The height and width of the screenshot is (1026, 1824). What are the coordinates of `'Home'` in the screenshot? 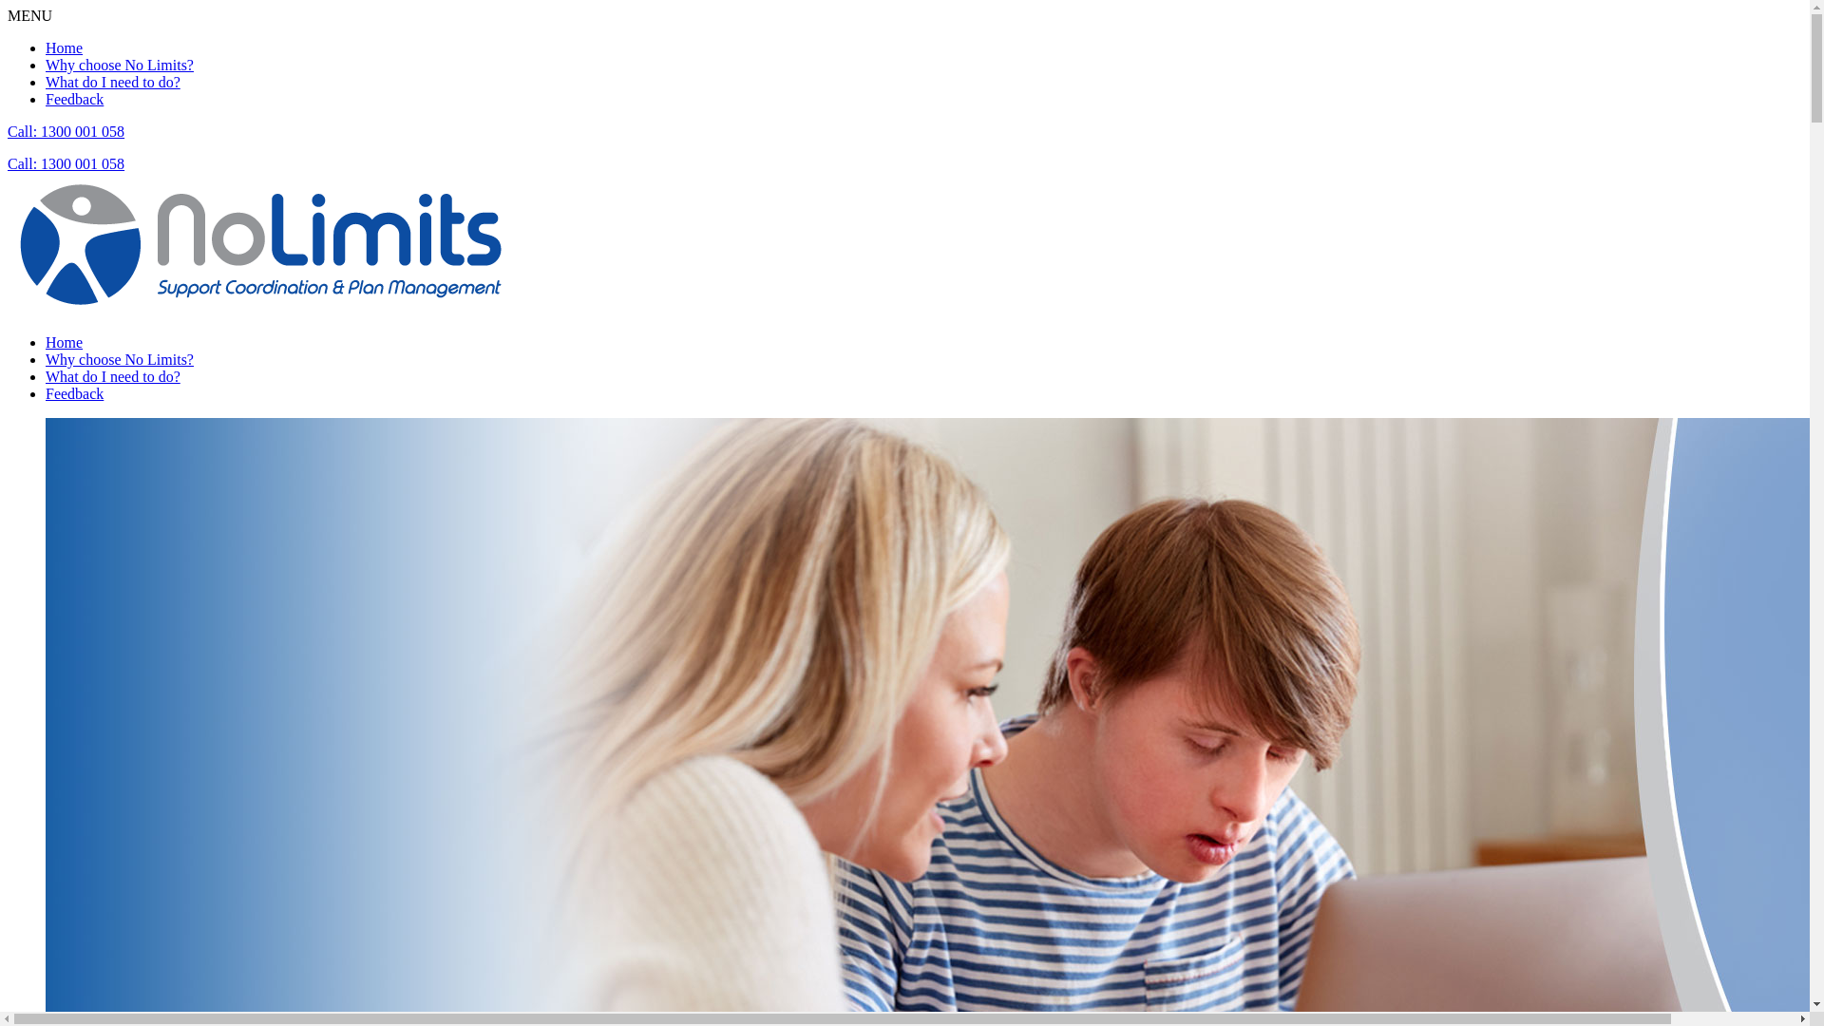 It's located at (64, 342).